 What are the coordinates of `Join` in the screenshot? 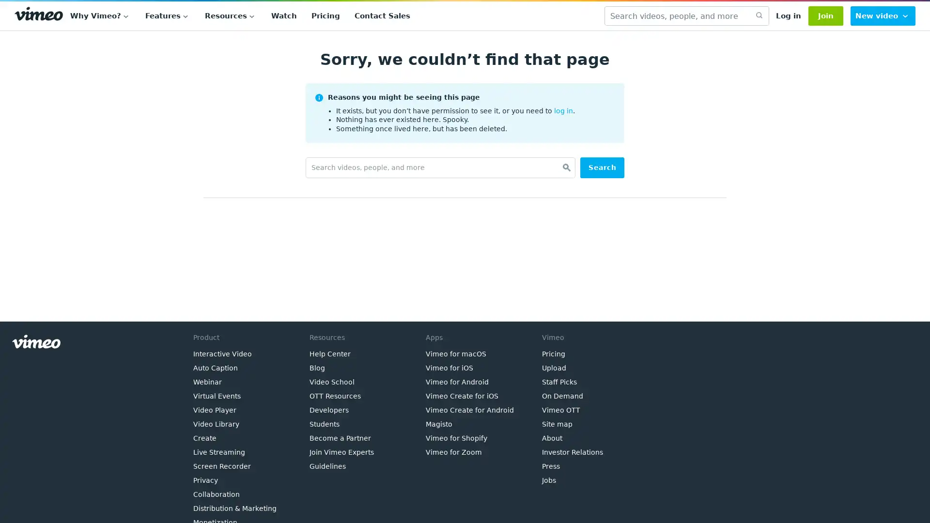 It's located at (825, 16).